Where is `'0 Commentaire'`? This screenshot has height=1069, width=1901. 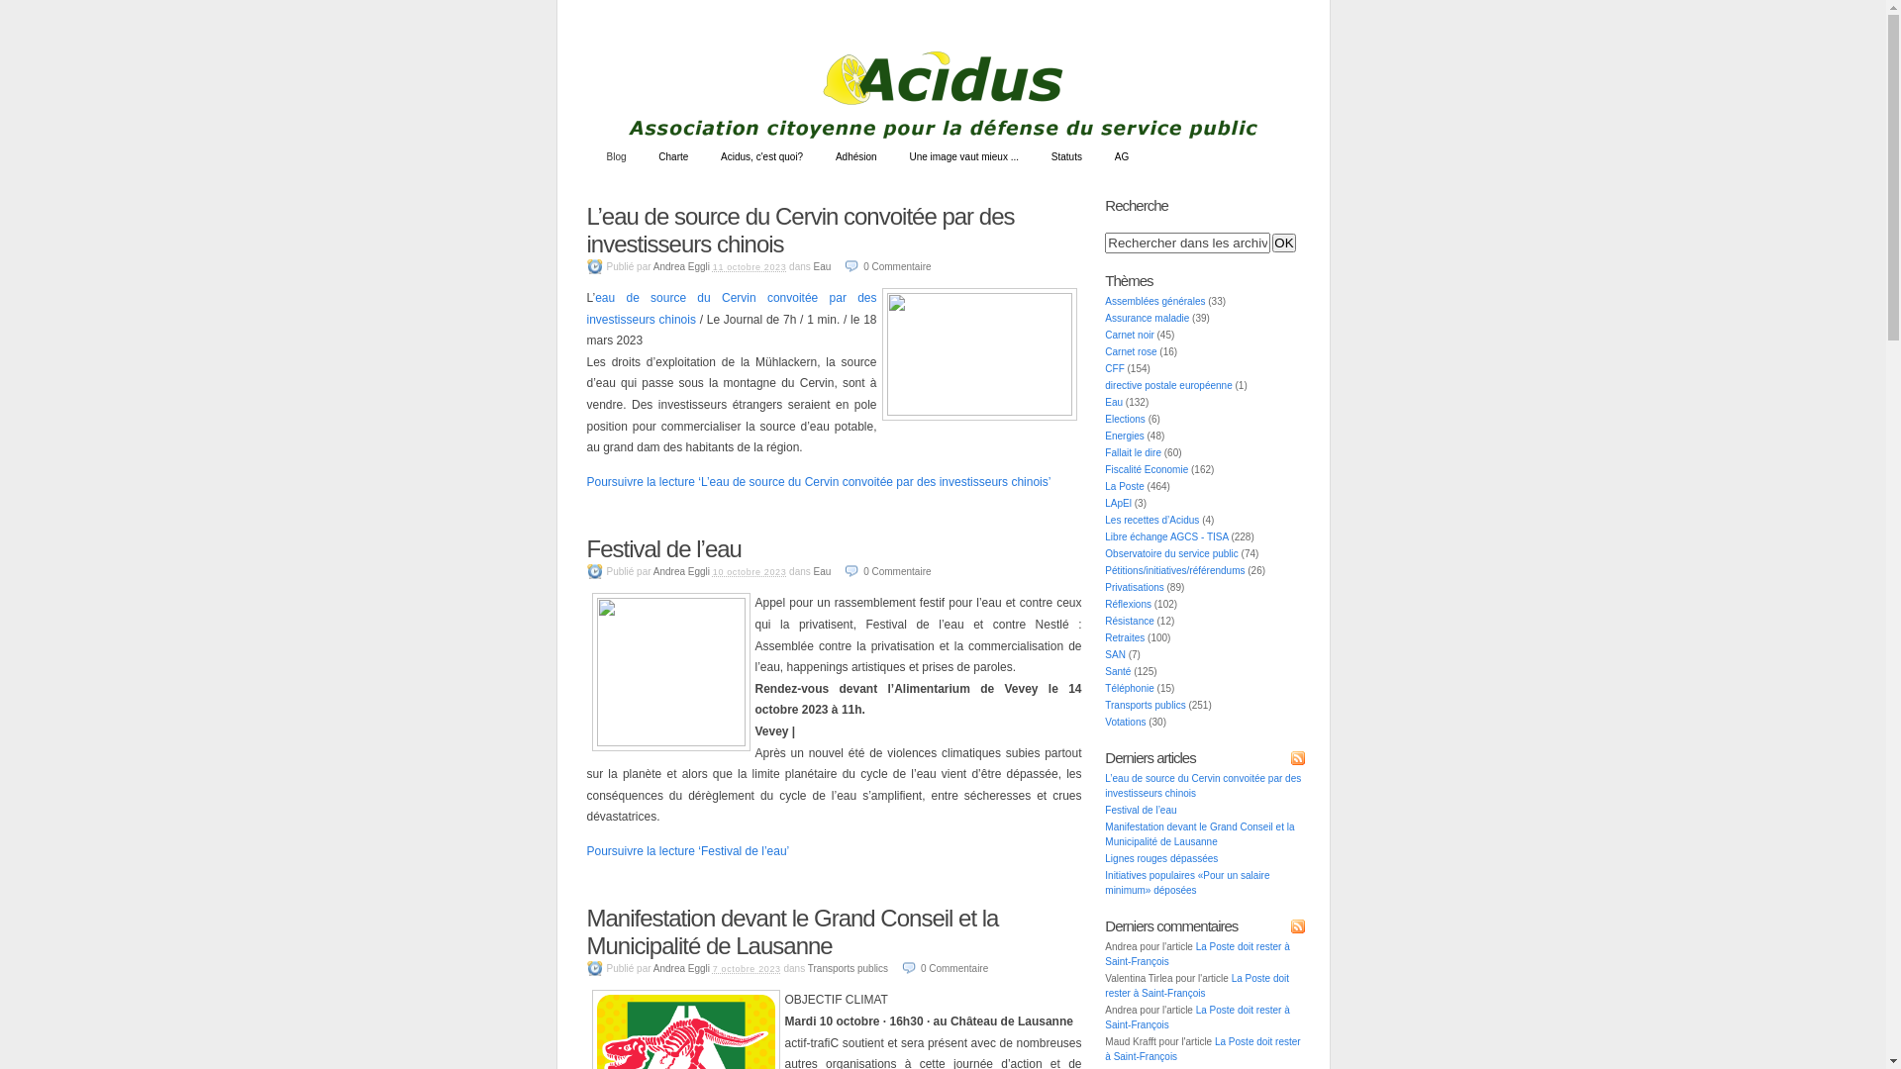 '0 Commentaire' is located at coordinates (900, 967).